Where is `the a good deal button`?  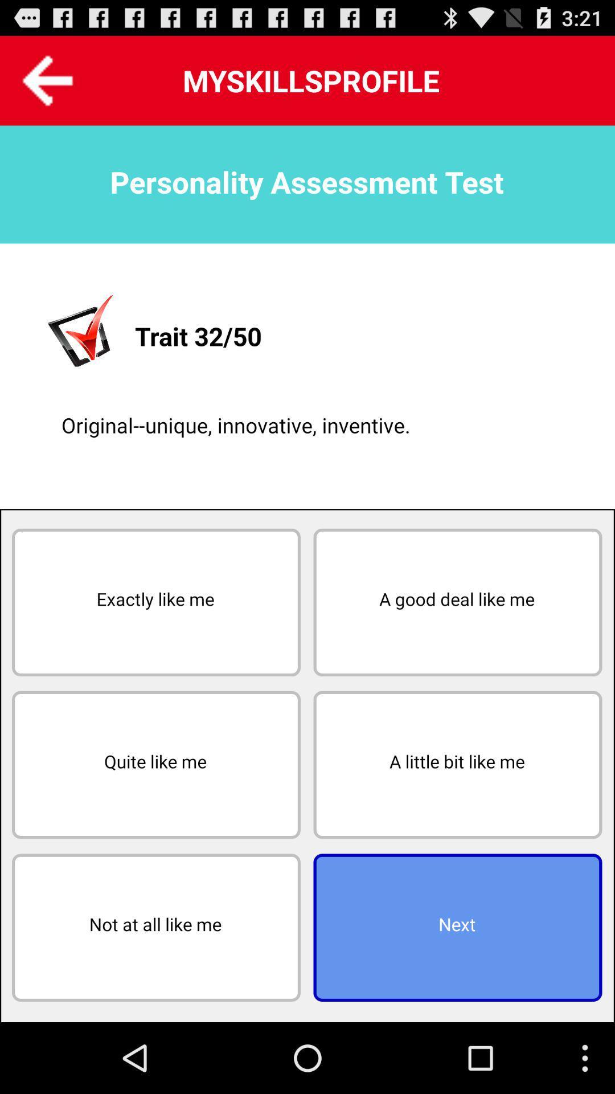
the a good deal button is located at coordinates (457, 602).